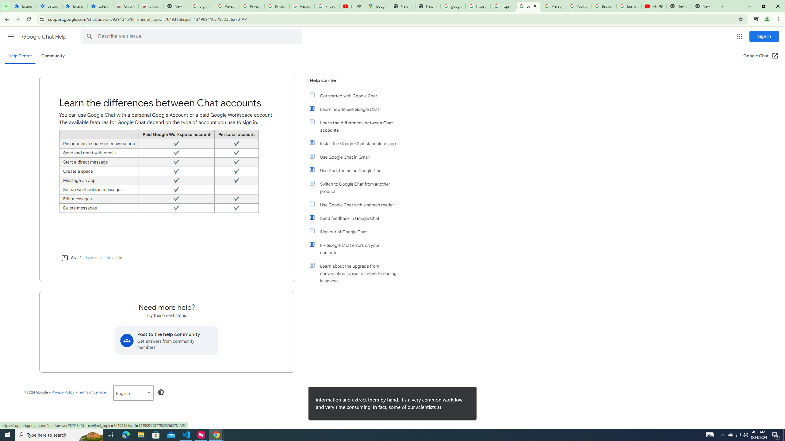 The width and height of the screenshot is (785, 441). I want to click on 'Switch to Google Chat from another product', so click(356, 187).